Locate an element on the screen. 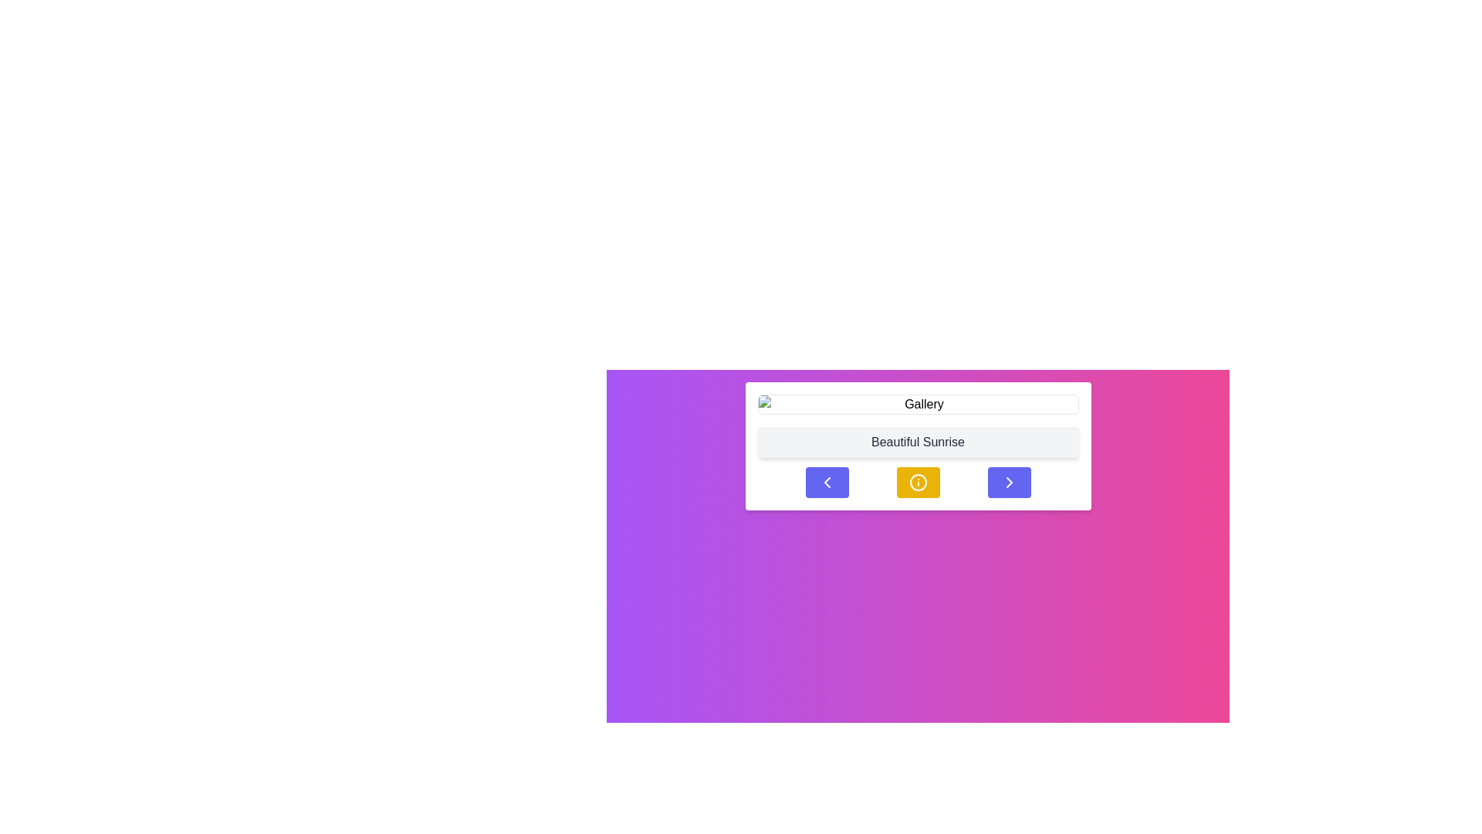  the informational icon embedded within the yellow button located at the bottom of the gallery interface is located at coordinates (918, 481).